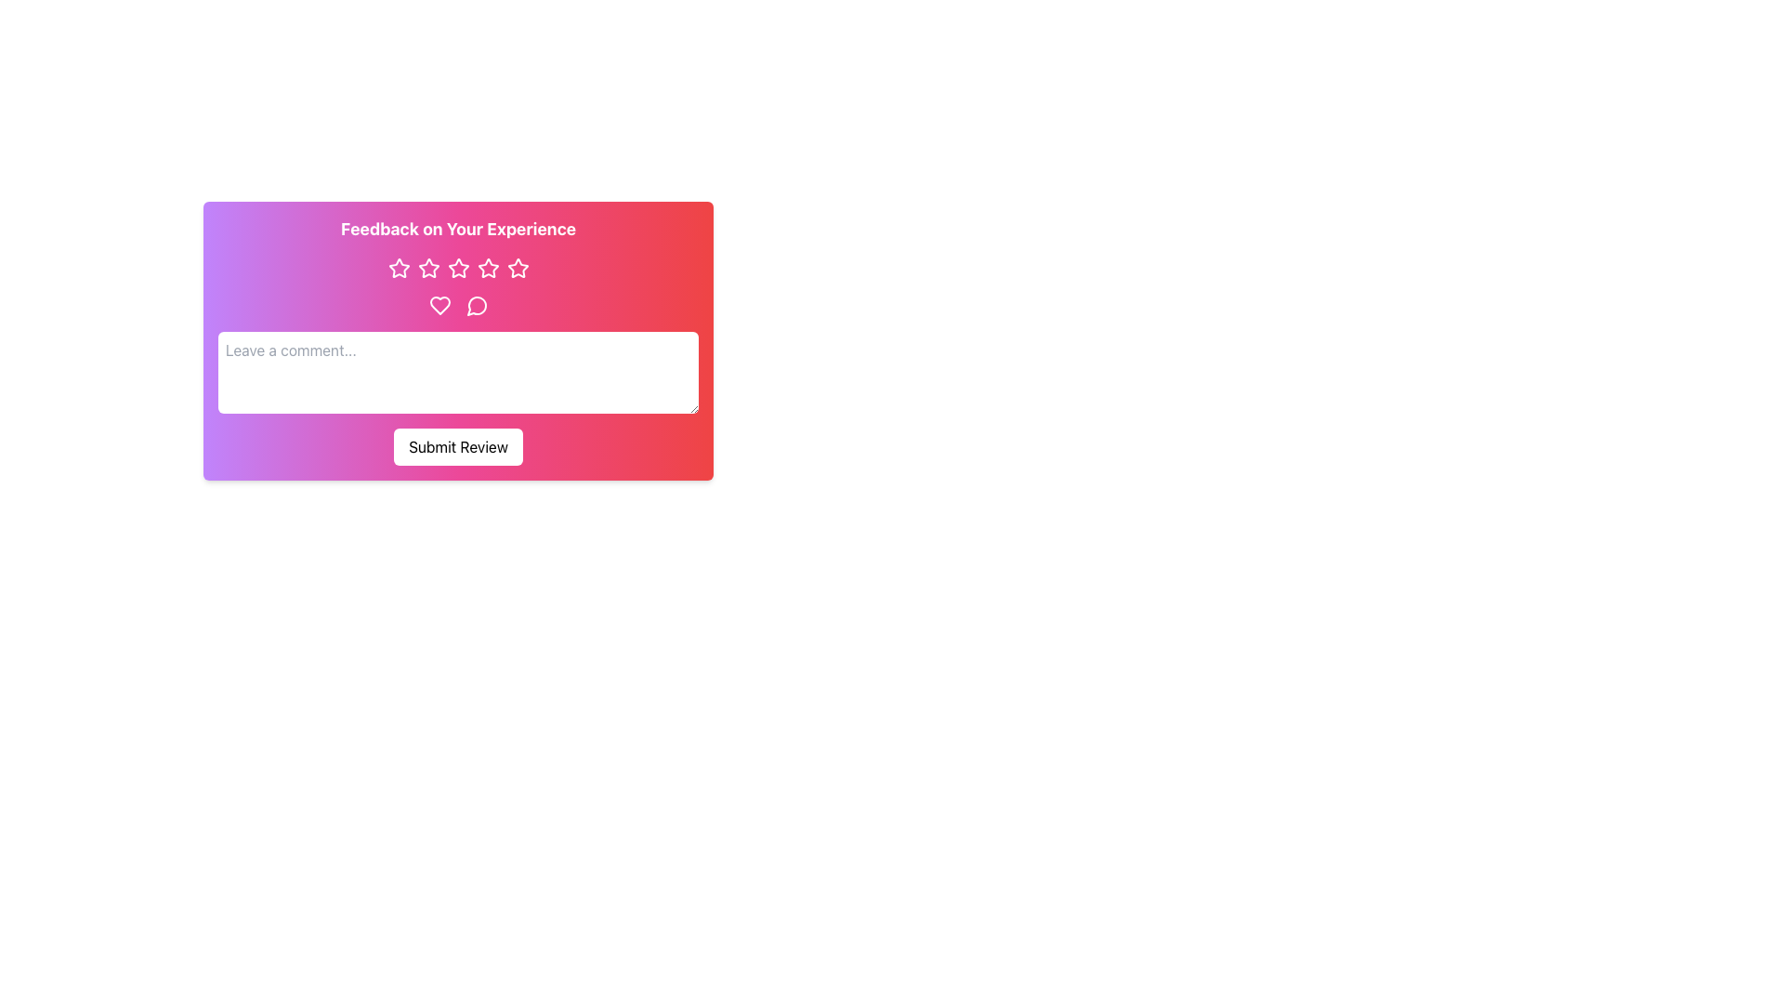 The image size is (1784, 1004). What do you see at coordinates (398, 268) in the screenshot?
I see `the first star-shaped icon with a pink gradient fill located beneath the text 'Feedback on Your Experience'` at bounding box center [398, 268].